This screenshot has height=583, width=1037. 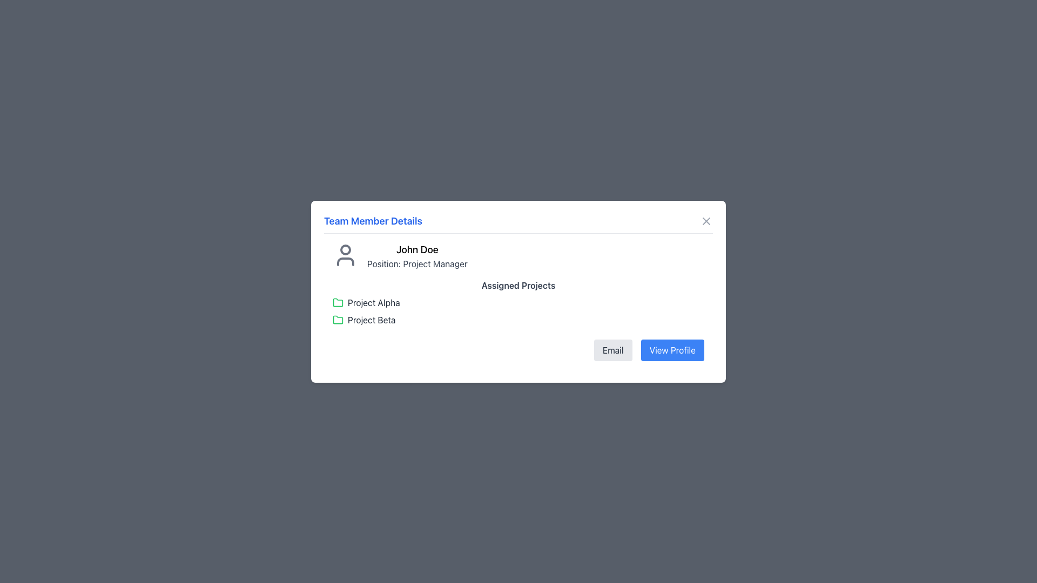 I want to click on the static text element displaying the job title of 'John Doe' located in the 'Team Member Details' pop-up window, so click(x=416, y=263).